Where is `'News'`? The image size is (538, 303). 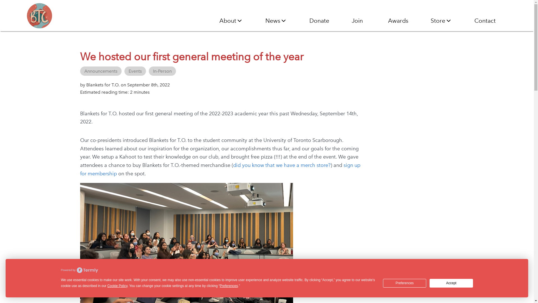
'News' is located at coordinates (265, 20).